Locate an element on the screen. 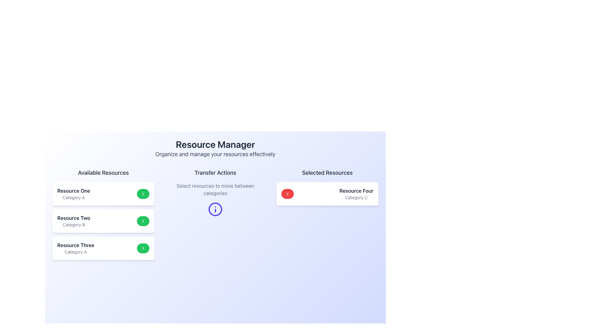 This screenshot has width=595, height=334. the text label displaying 'Category B' which is located directly below the title 'Resource Two' in the second panel of the 'Available Resources' section, distinguished by its gray color is located at coordinates (74, 225).